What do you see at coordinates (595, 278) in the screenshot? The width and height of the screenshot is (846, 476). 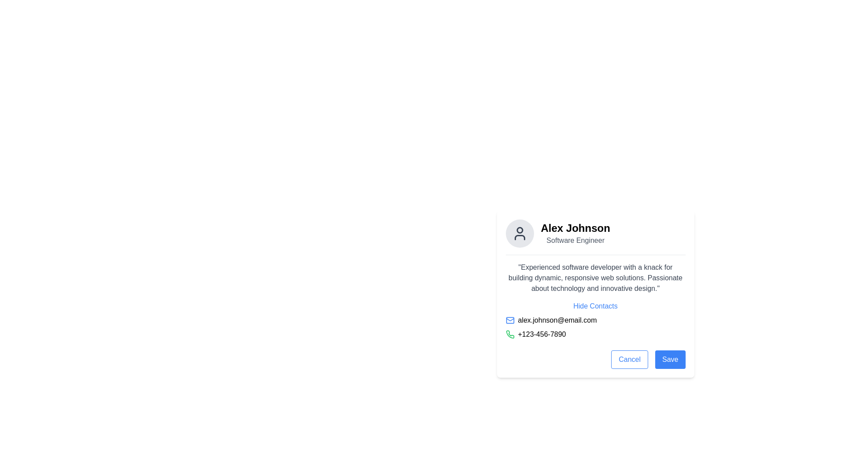 I see `the static text block providing a professional description for user 'Alex Johnson', which is located below the title and above the 'Hide Contacts' link` at bounding box center [595, 278].